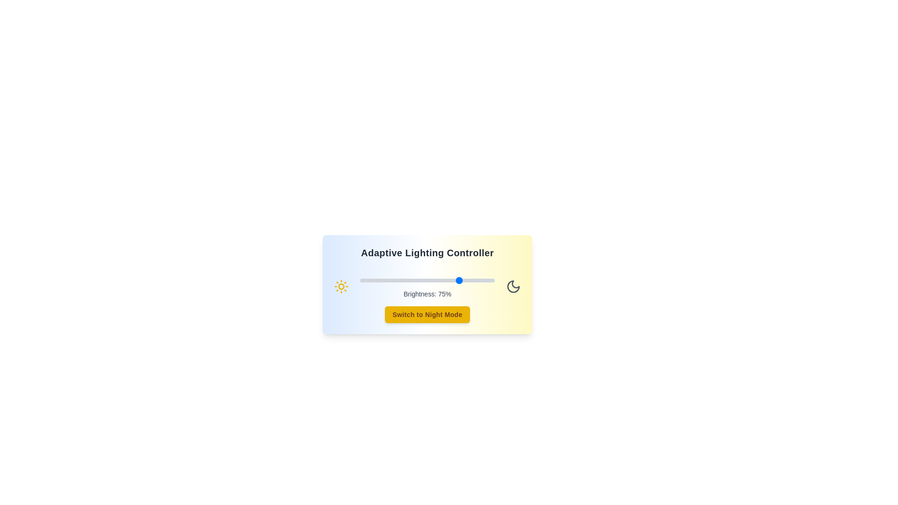 Image resolution: width=898 pixels, height=505 pixels. Describe the element at coordinates (361, 280) in the screenshot. I see `the brightness level` at that location.